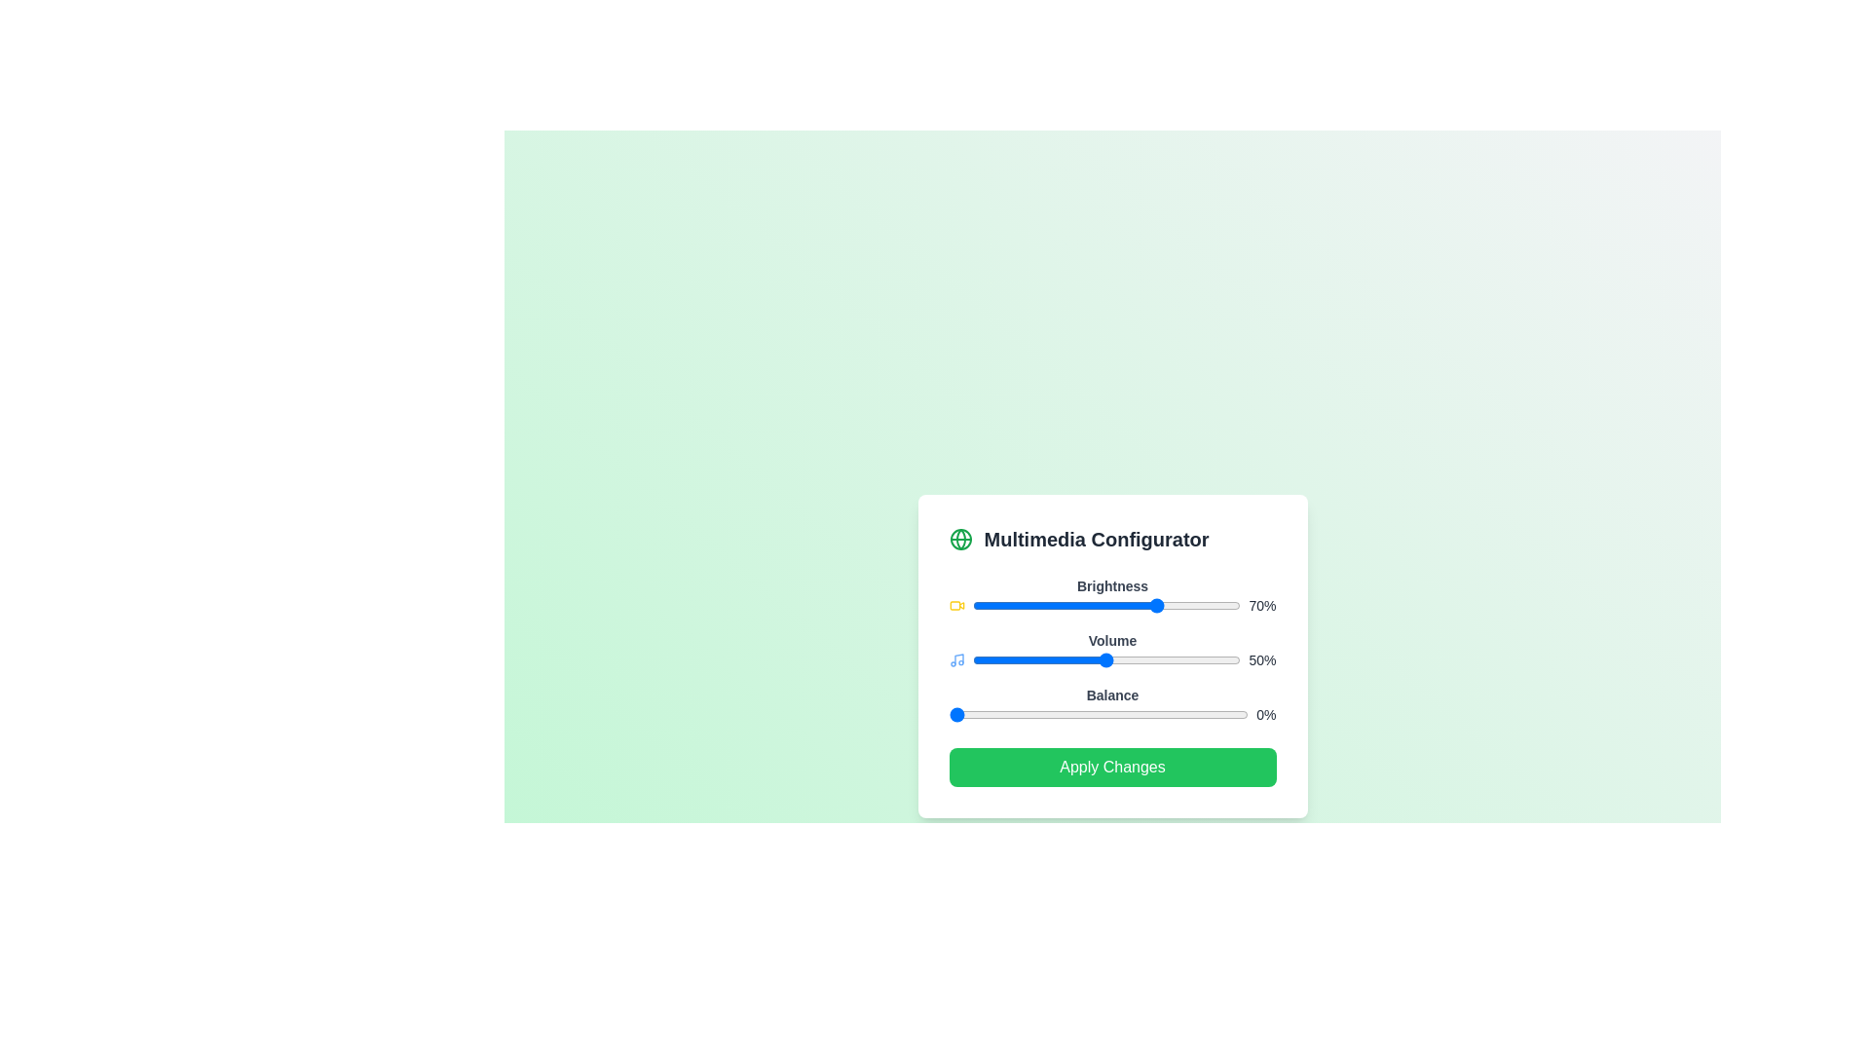 The width and height of the screenshot is (1870, 1052). I want to click on the brightness slider to 2%, so click(977, 604).